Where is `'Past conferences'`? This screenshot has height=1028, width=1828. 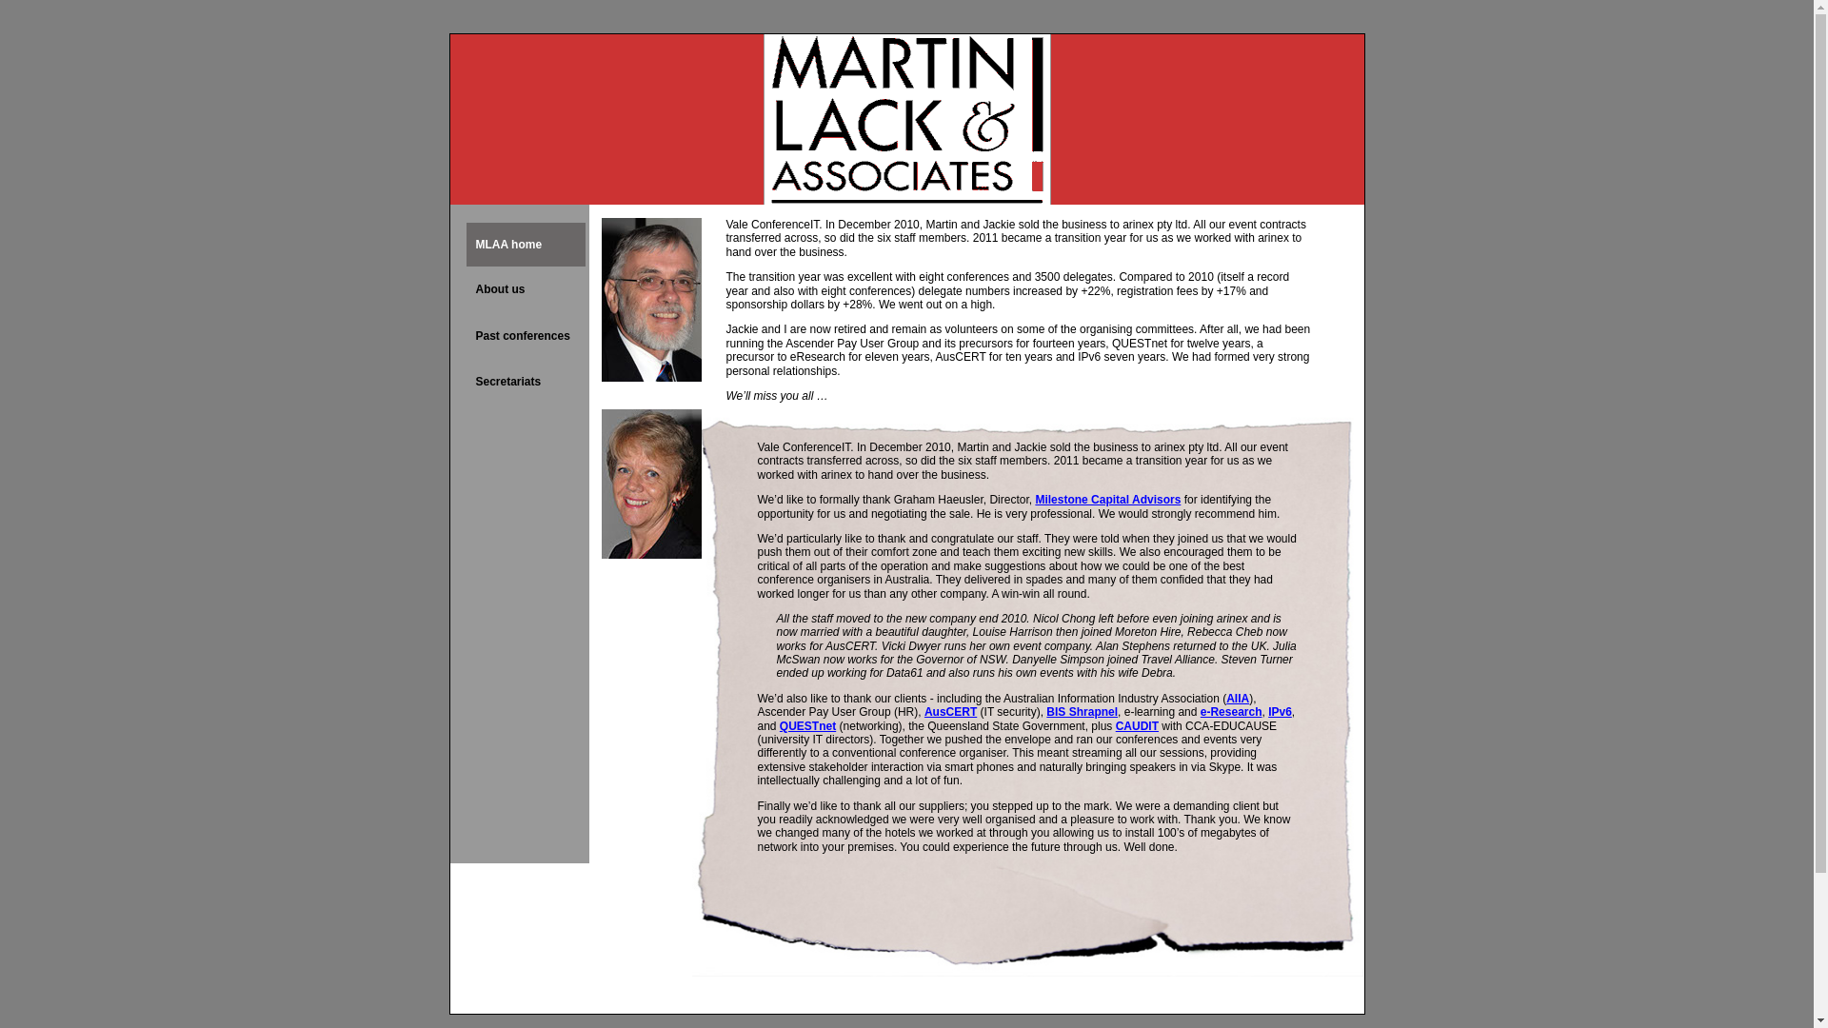
'Past conferences' is located at coordinates (526, 335).